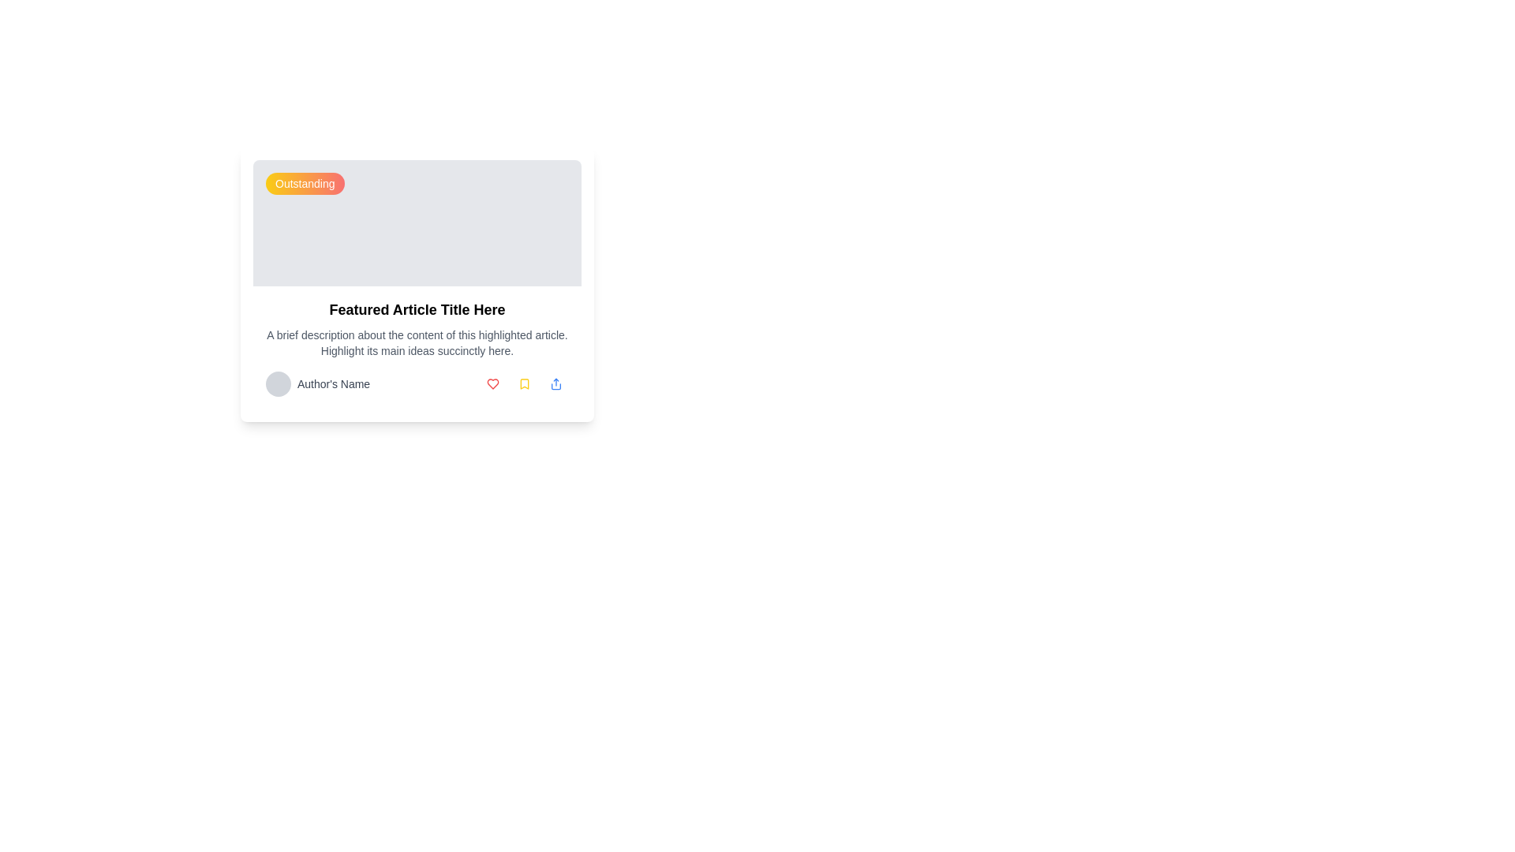 This screenshot has height=852, width=1515. I want to click on the bookmark icon located in the bottom-right part of the widget containing the article card, so click(525, 383).